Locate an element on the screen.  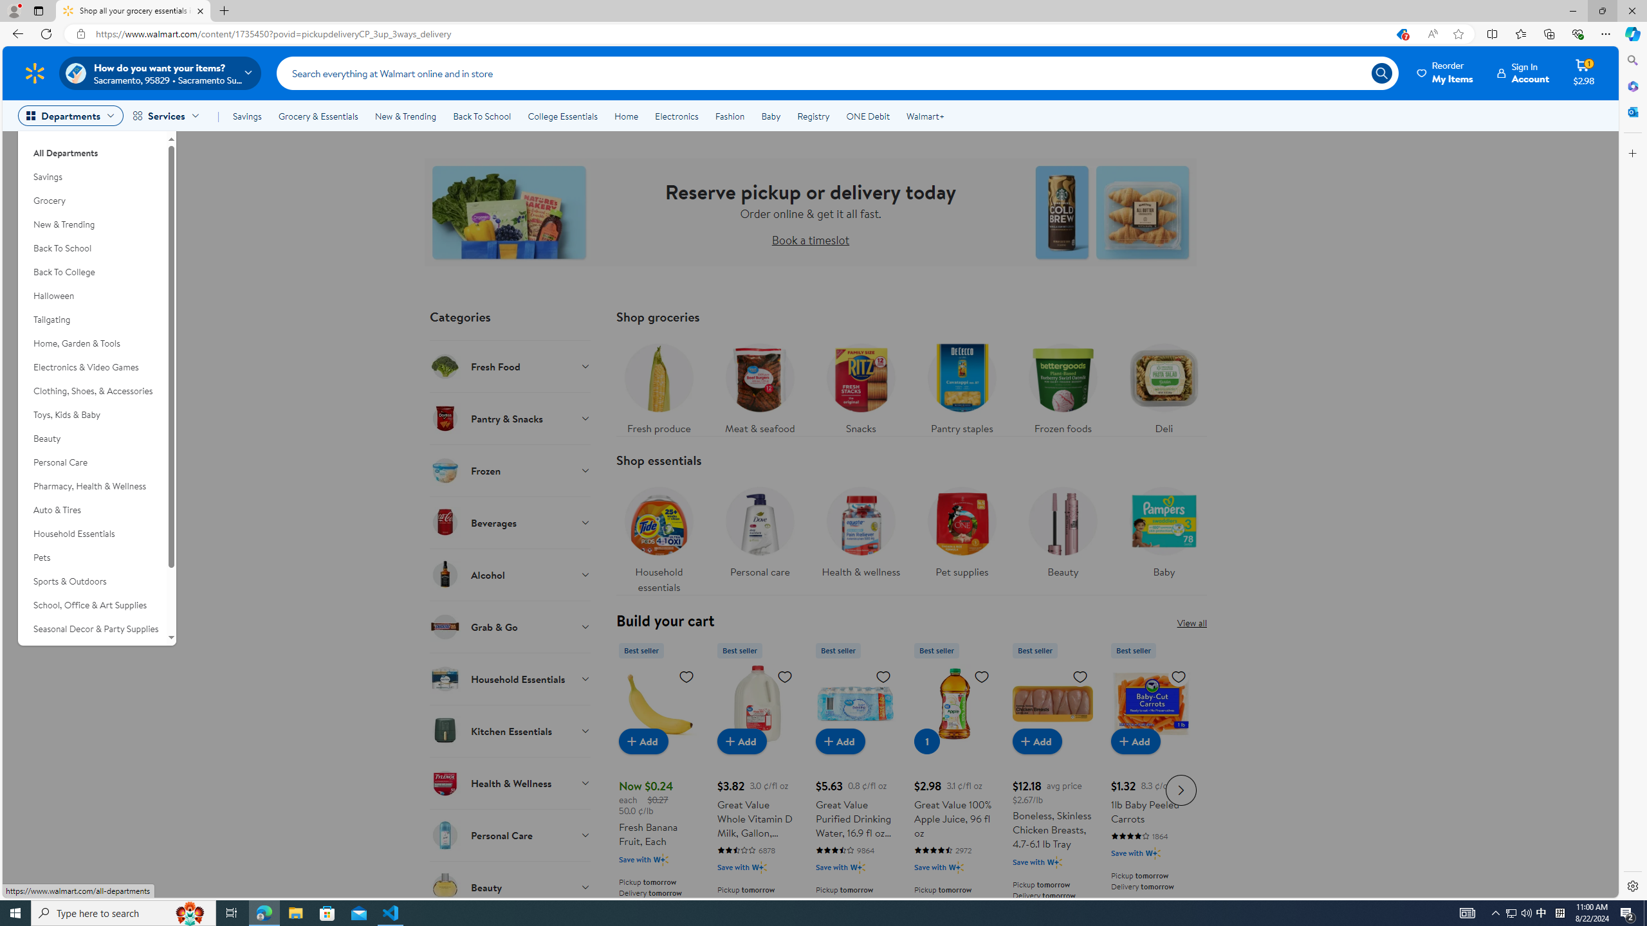
'Deli' is located at coordinates (1164, 385).